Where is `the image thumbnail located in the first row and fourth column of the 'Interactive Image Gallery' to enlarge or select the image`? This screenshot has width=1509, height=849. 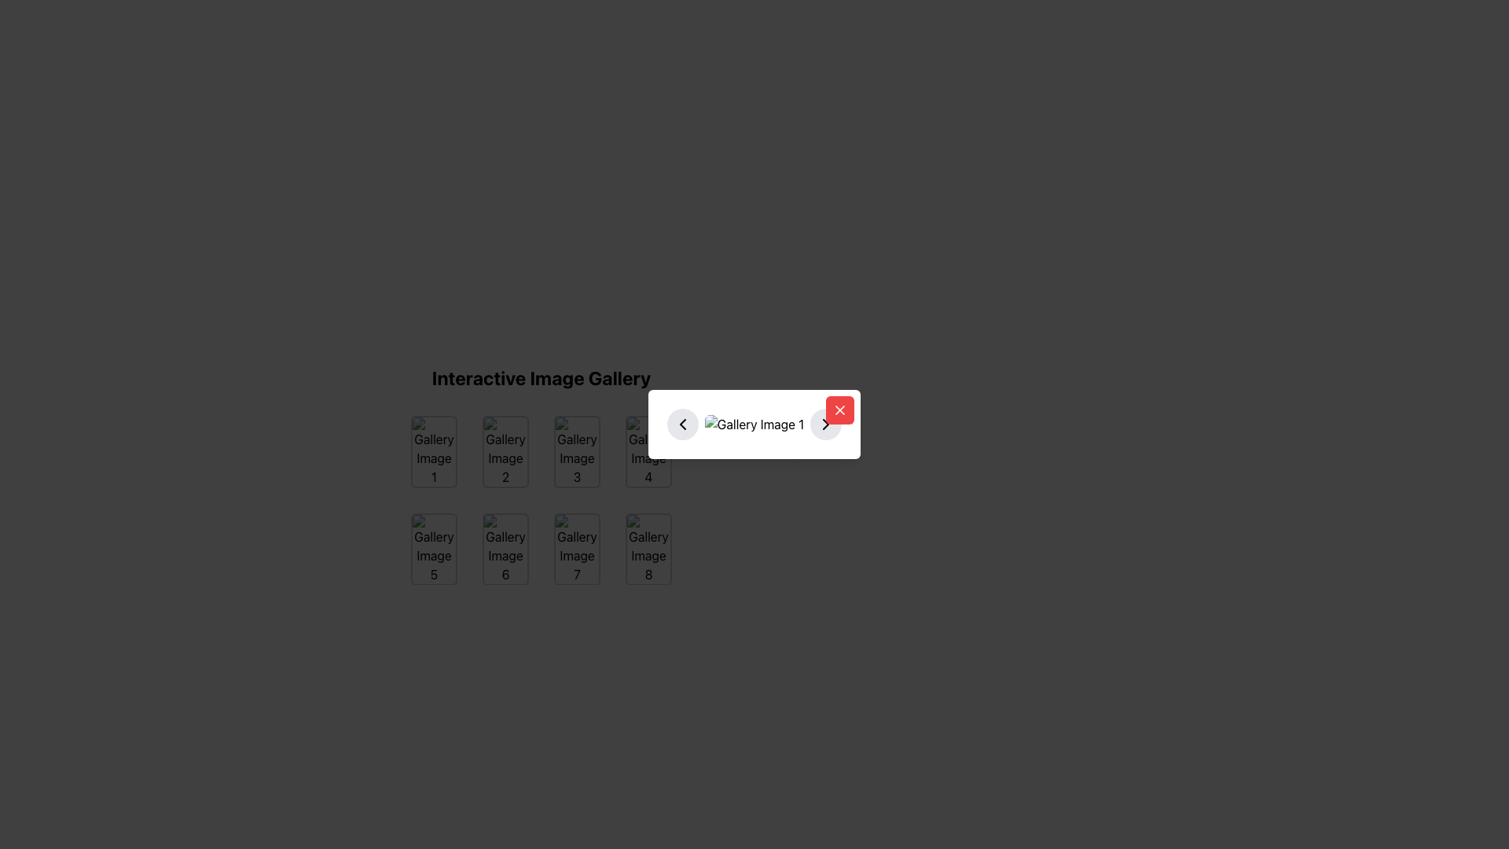 the image thumbnail located in the first row and fourth column of the 'Interactive Image Gallery' to enlarge or select the image is located at coordinates (648, 451).